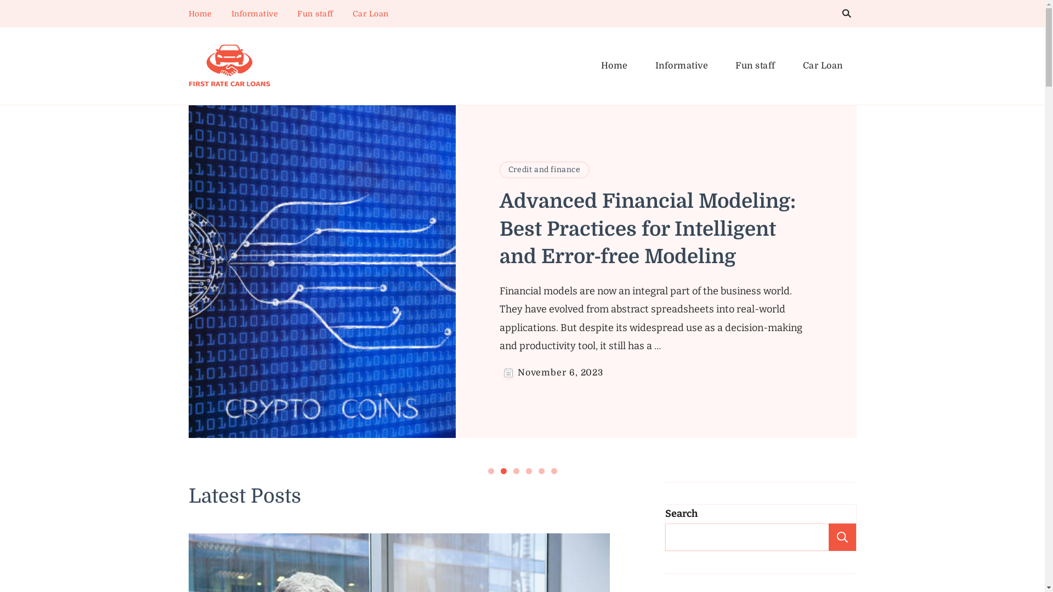  I want to click on 'First Rate Car Loans', so click(189, 99).